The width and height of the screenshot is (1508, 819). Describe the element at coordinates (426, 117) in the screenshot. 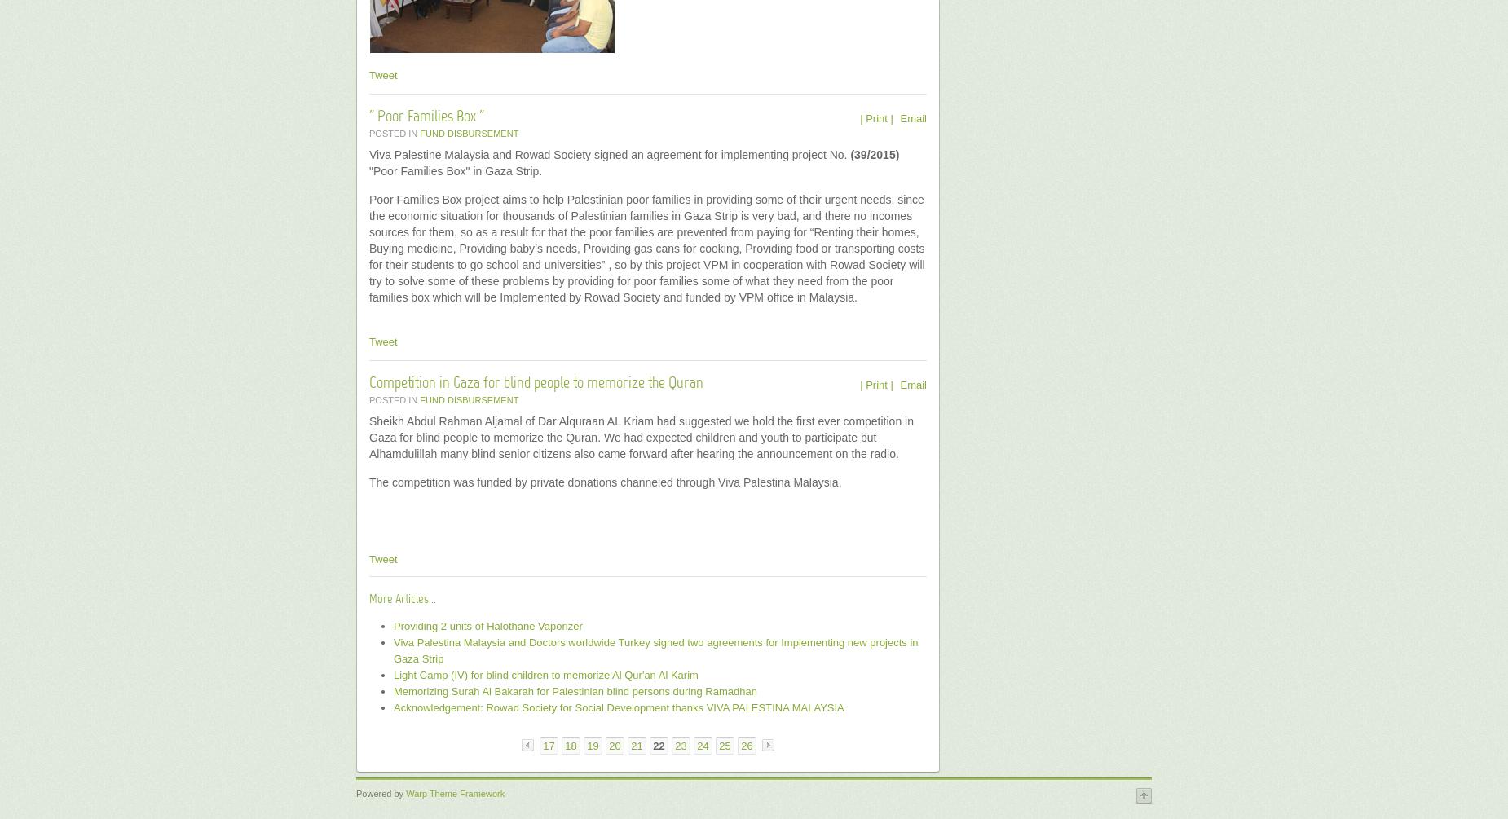

I see `'" Poor Families Box "'` at that location.